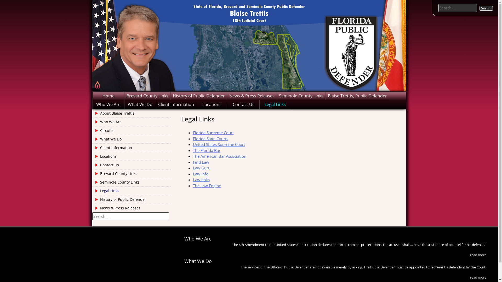 The image size is (502, 282). Describe the element at coordinates (486, 8) in the screenshot. I see `'Search'` at that location.